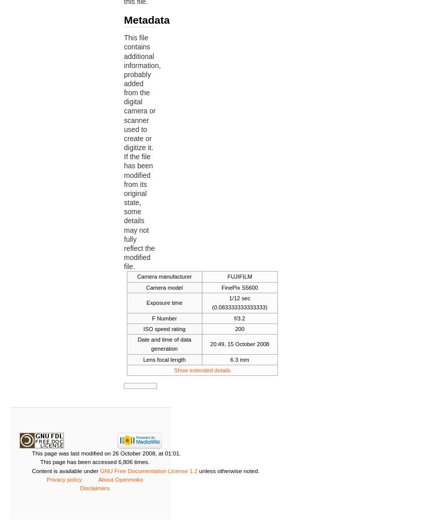  I want to click on 'This file contains additional information, probably added from the digital camera or scanner used to create or digitize it.
If the file has been modified from its original state, some details may not fully reflect the modified file.', so click(142, 152).